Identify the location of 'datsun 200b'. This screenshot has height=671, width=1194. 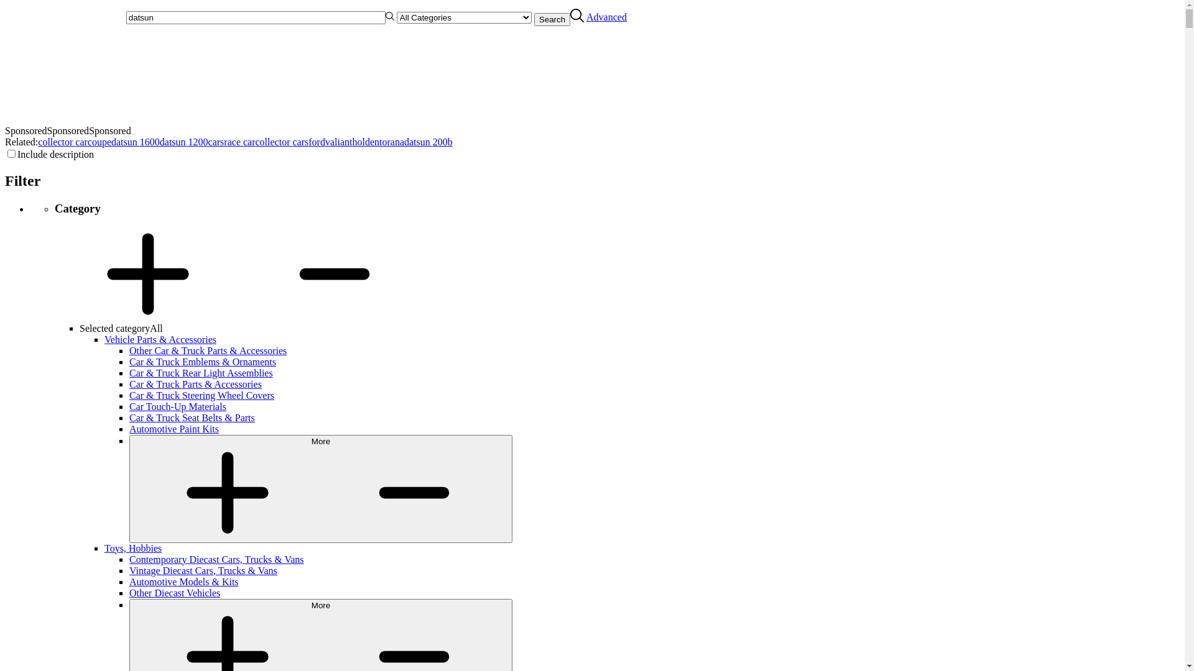
(428, 141).